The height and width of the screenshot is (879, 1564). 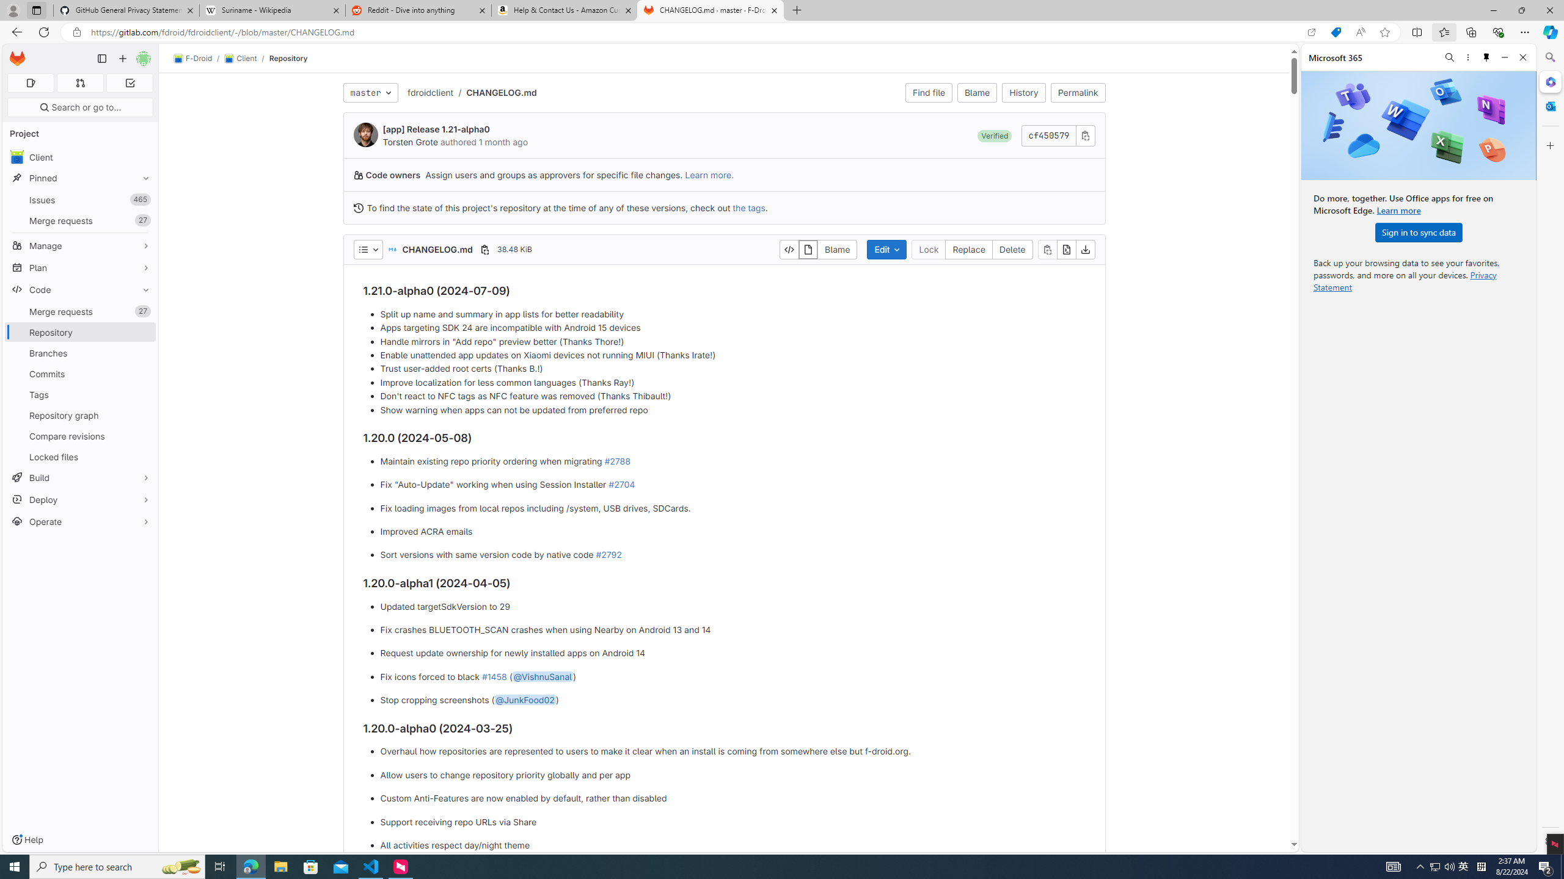 What do you see at coordinates (1398, 210) in the screenshot?
I see `'Learn more about Microsoft Office.'` at bounding box center [1398, 210].